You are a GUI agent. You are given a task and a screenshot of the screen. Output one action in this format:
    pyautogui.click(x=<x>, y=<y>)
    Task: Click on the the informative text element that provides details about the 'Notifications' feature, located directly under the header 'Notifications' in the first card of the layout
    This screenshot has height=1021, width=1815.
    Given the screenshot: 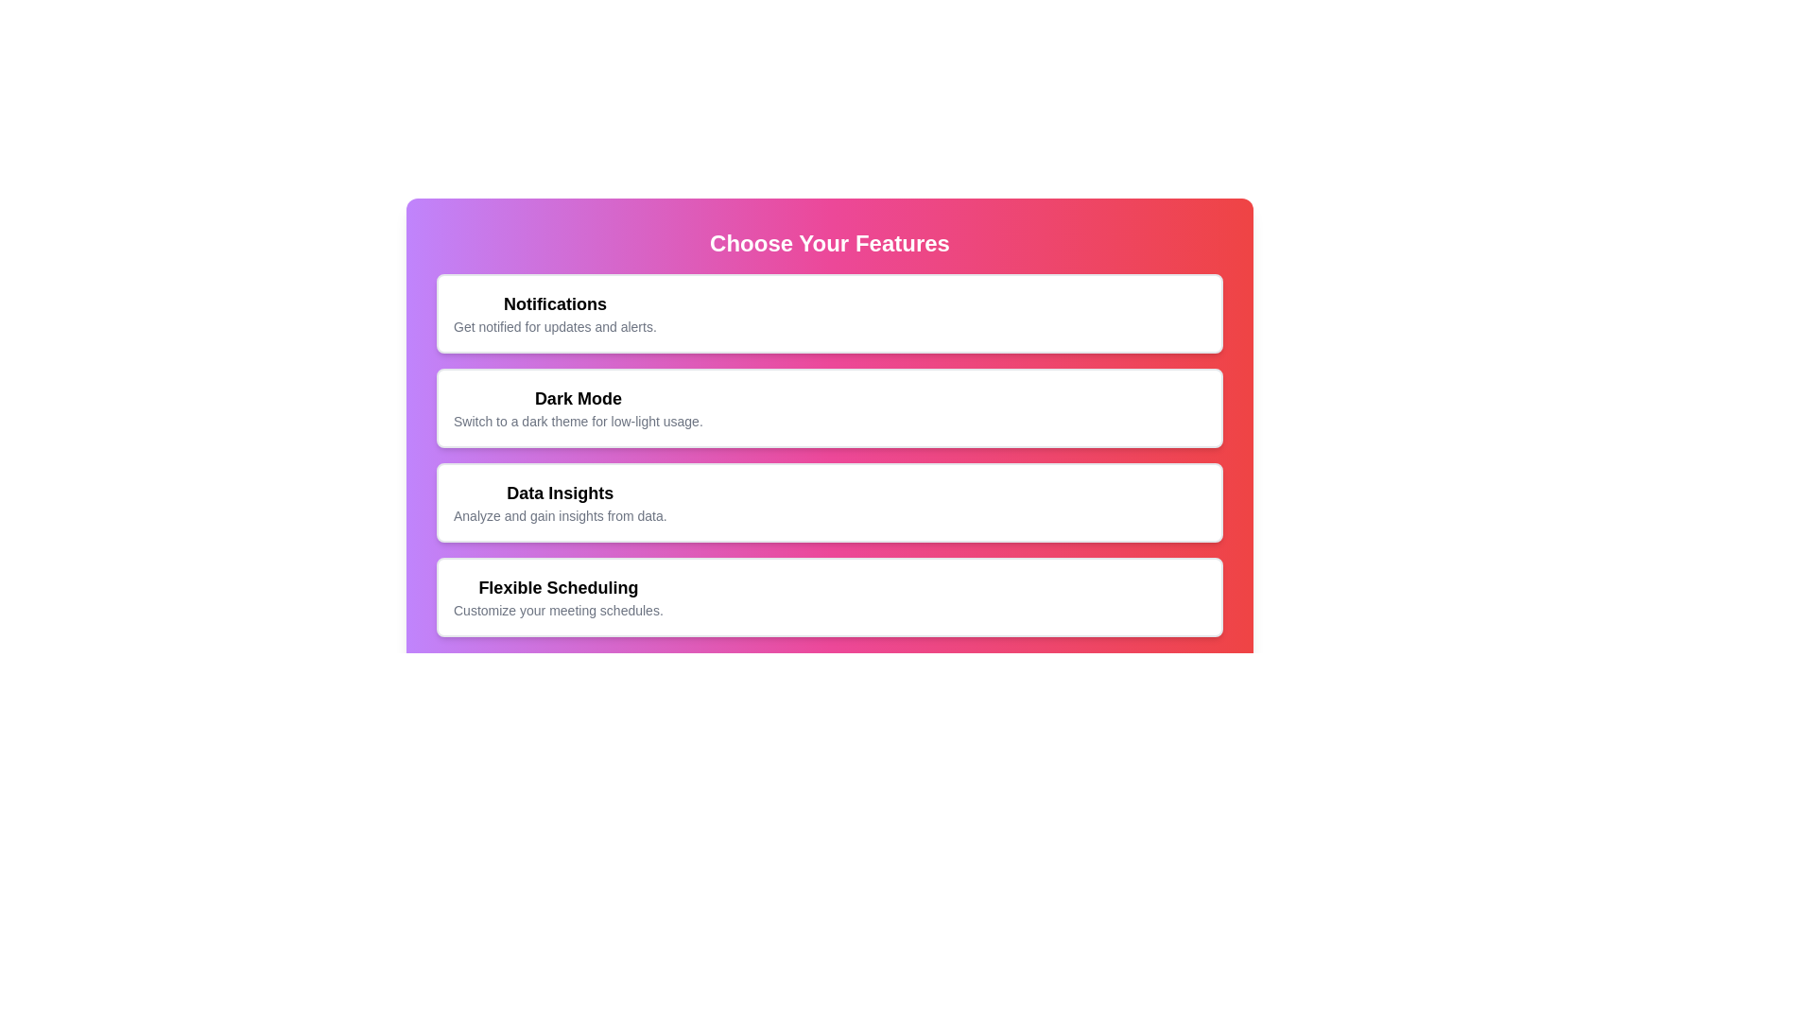 What is the action you would take?
    pyautogui.click(x=554, y=326)
    